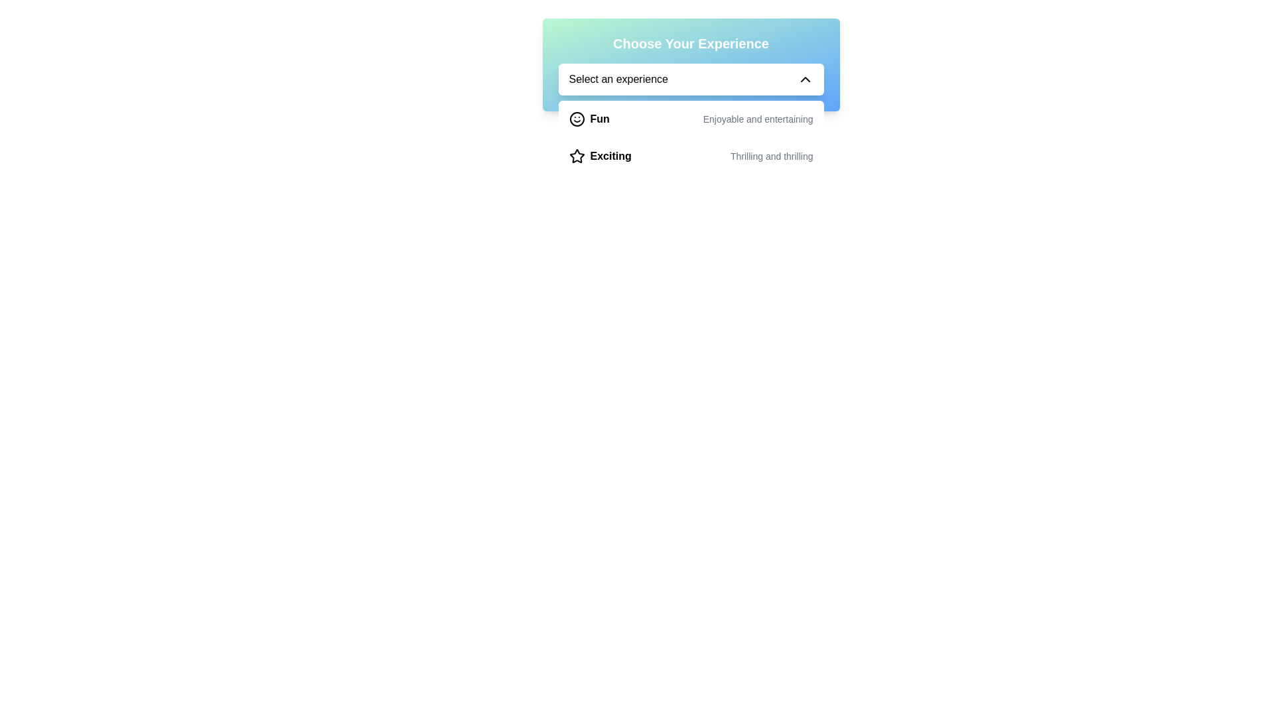 The width and height of the screenshot is (1274, 716). I want to click on the SVG circle graphic that forms the circular outline of a smiley face, which is positioned to the left of the text 'Fun' under the 'Choose Your Experience' header, so click(577, 119).